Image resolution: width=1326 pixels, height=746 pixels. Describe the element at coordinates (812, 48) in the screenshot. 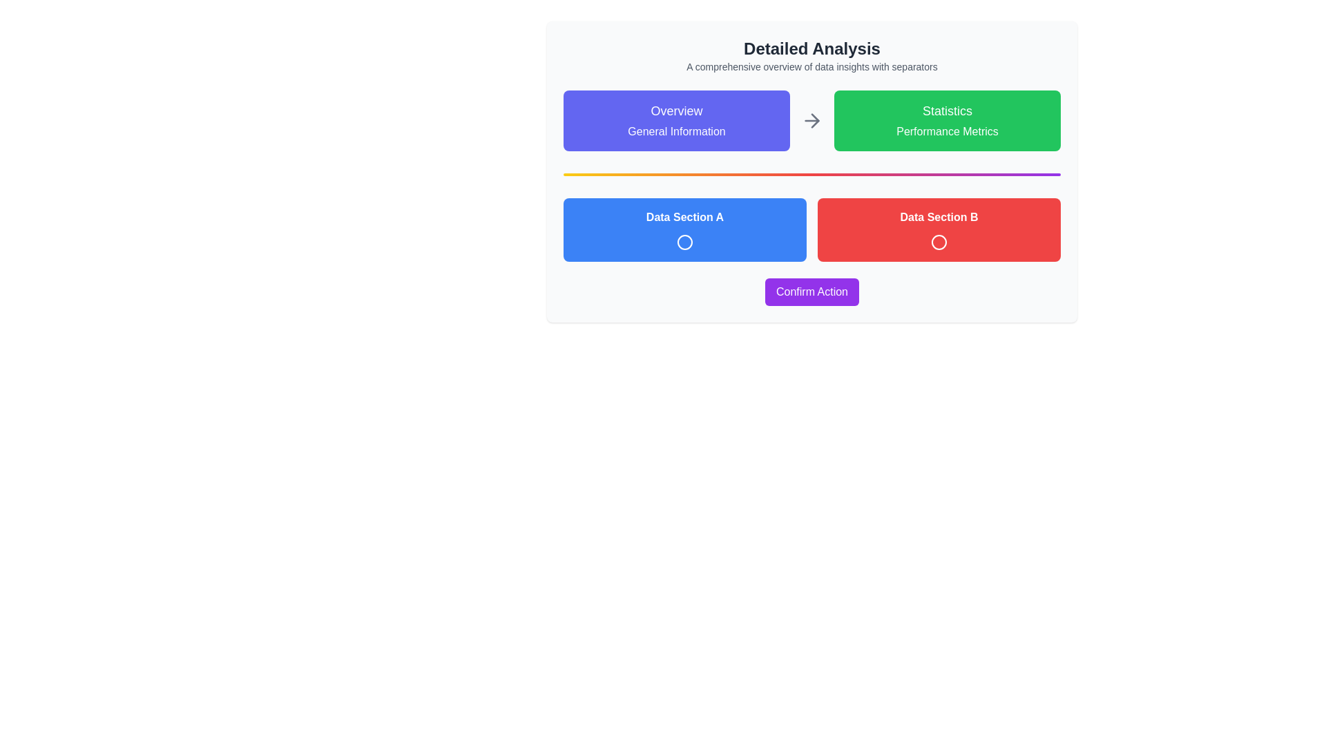

I see `the Text Display element that serves as the header or title of the section, which is positioned above another text element and horizontally centered in the layout` at that location.